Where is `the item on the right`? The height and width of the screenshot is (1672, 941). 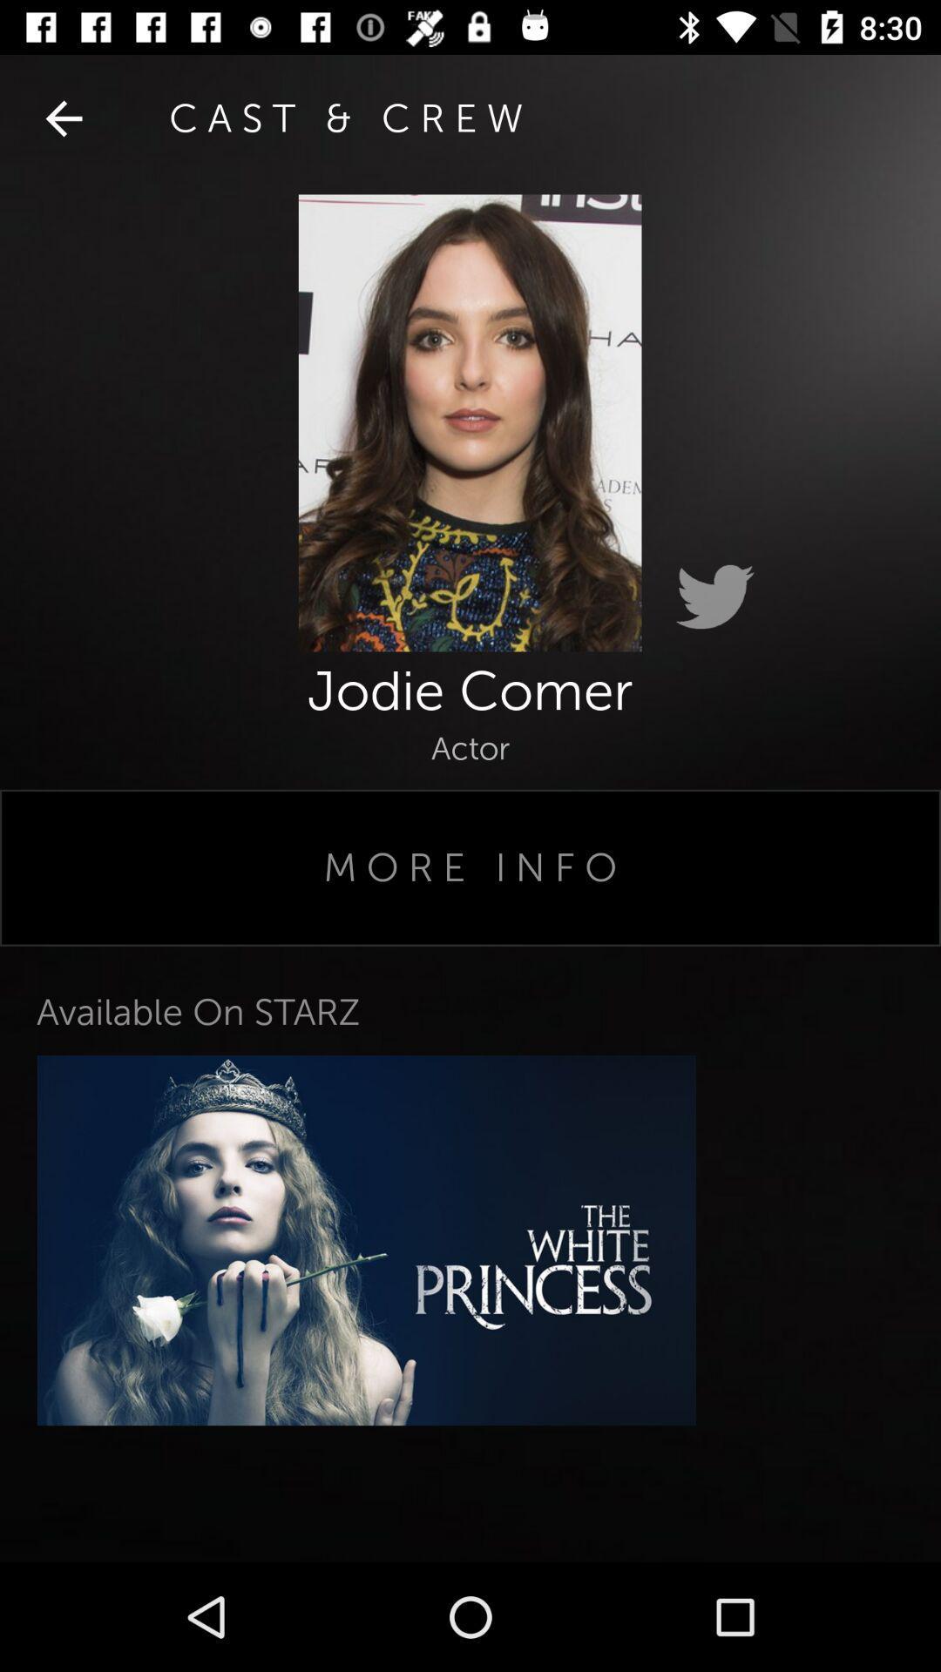
the item on the right is located at coordinates (714, 597).